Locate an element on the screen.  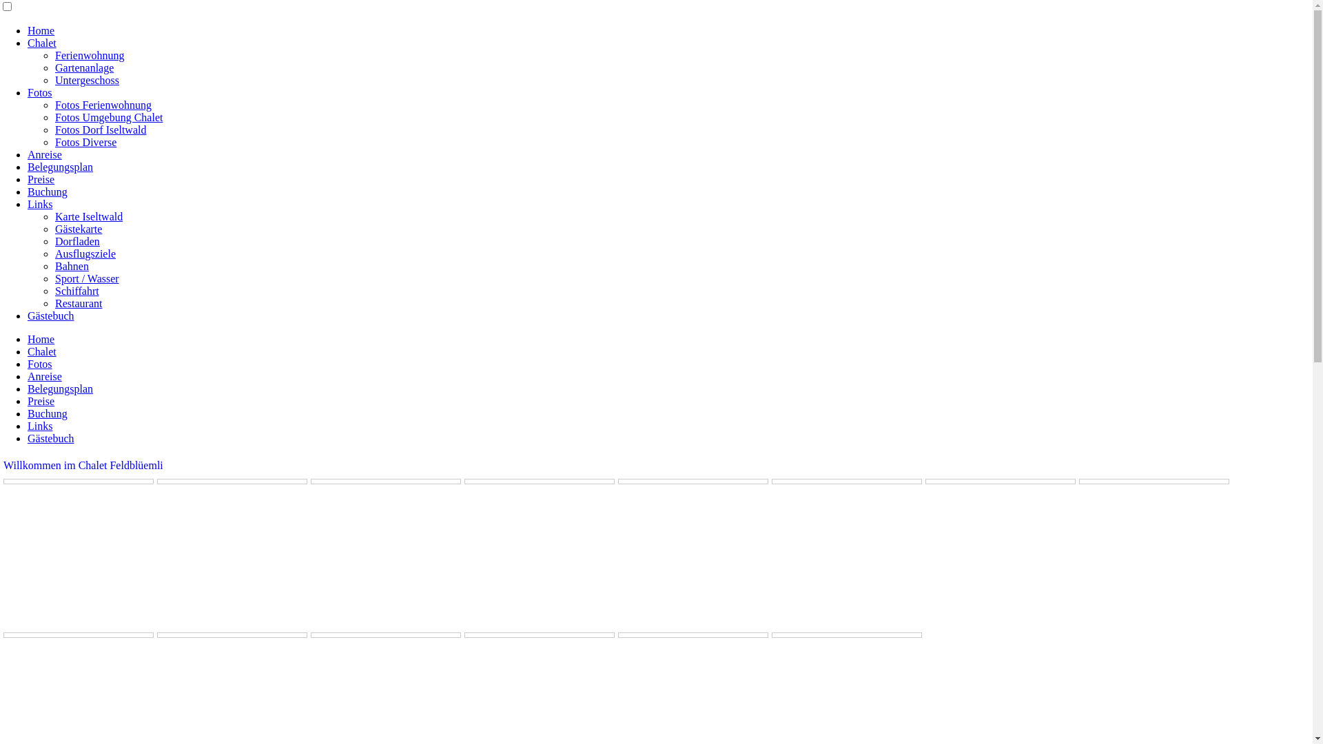
'Fotos Diverse' is located at coordinates (85, 142).